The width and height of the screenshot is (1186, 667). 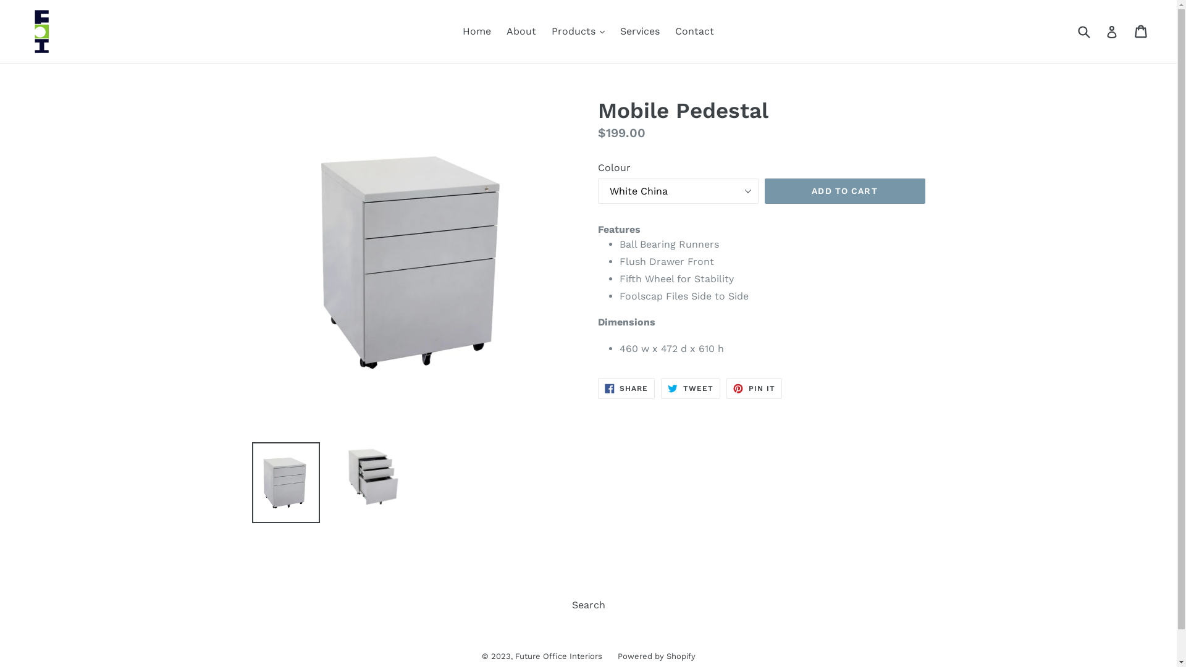 I want to click on 'Powered by Shopify', so click(x=655, y=655).